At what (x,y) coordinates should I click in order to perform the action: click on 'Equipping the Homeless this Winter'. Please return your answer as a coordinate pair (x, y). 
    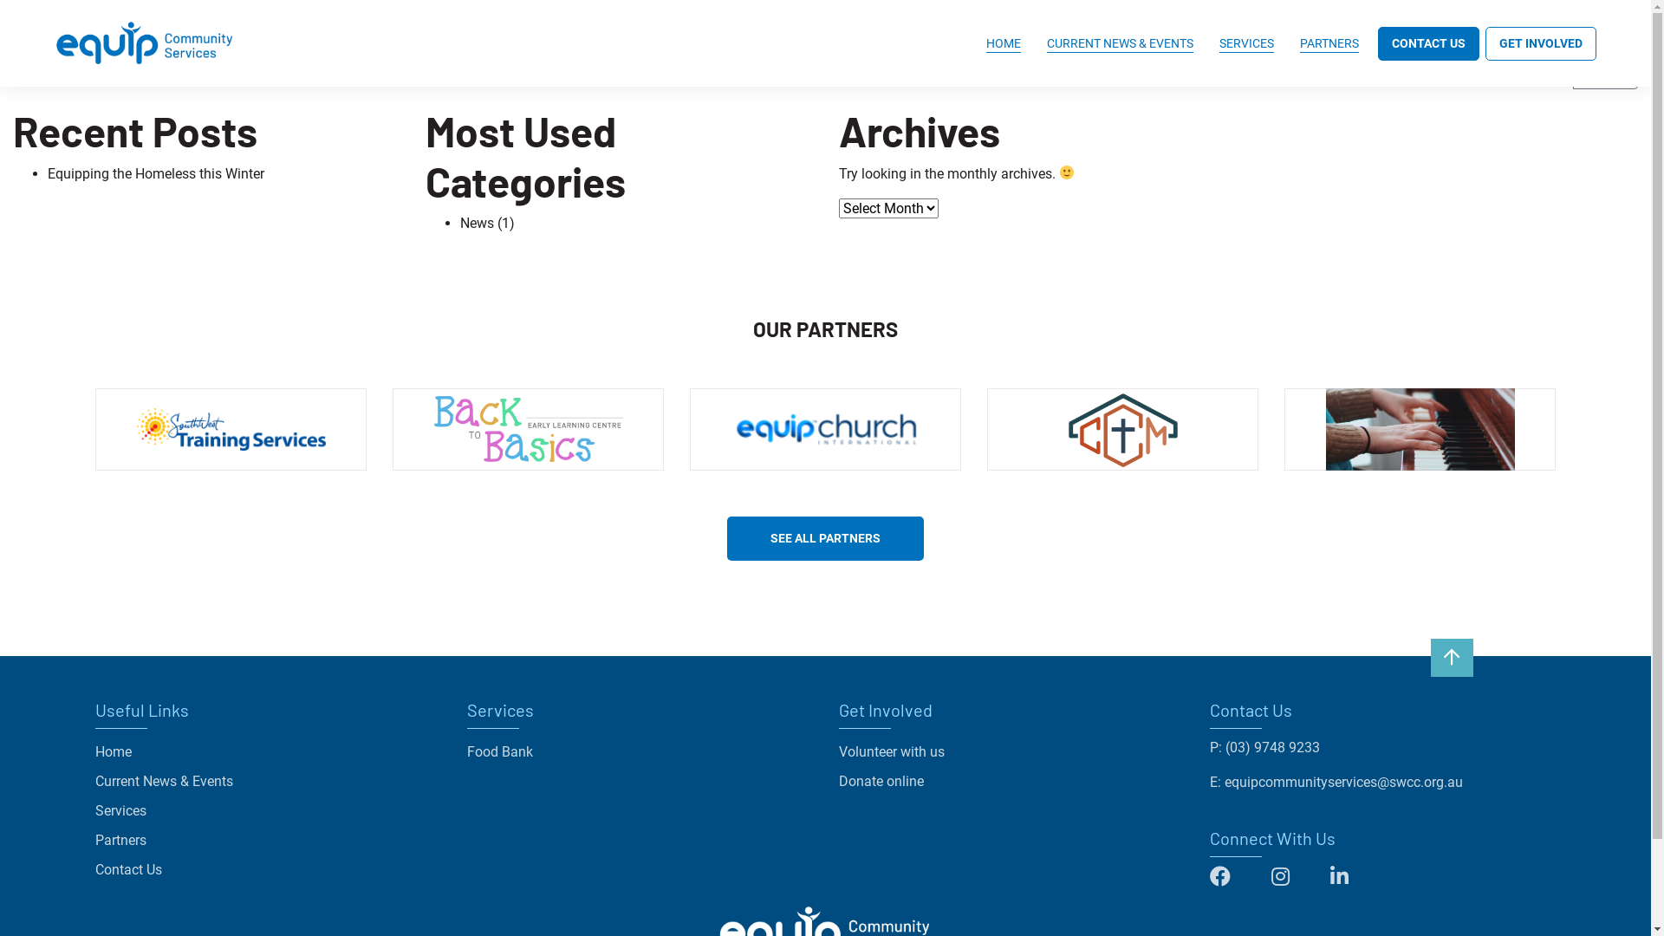
    Looking at the image, I should click on (156, 173).